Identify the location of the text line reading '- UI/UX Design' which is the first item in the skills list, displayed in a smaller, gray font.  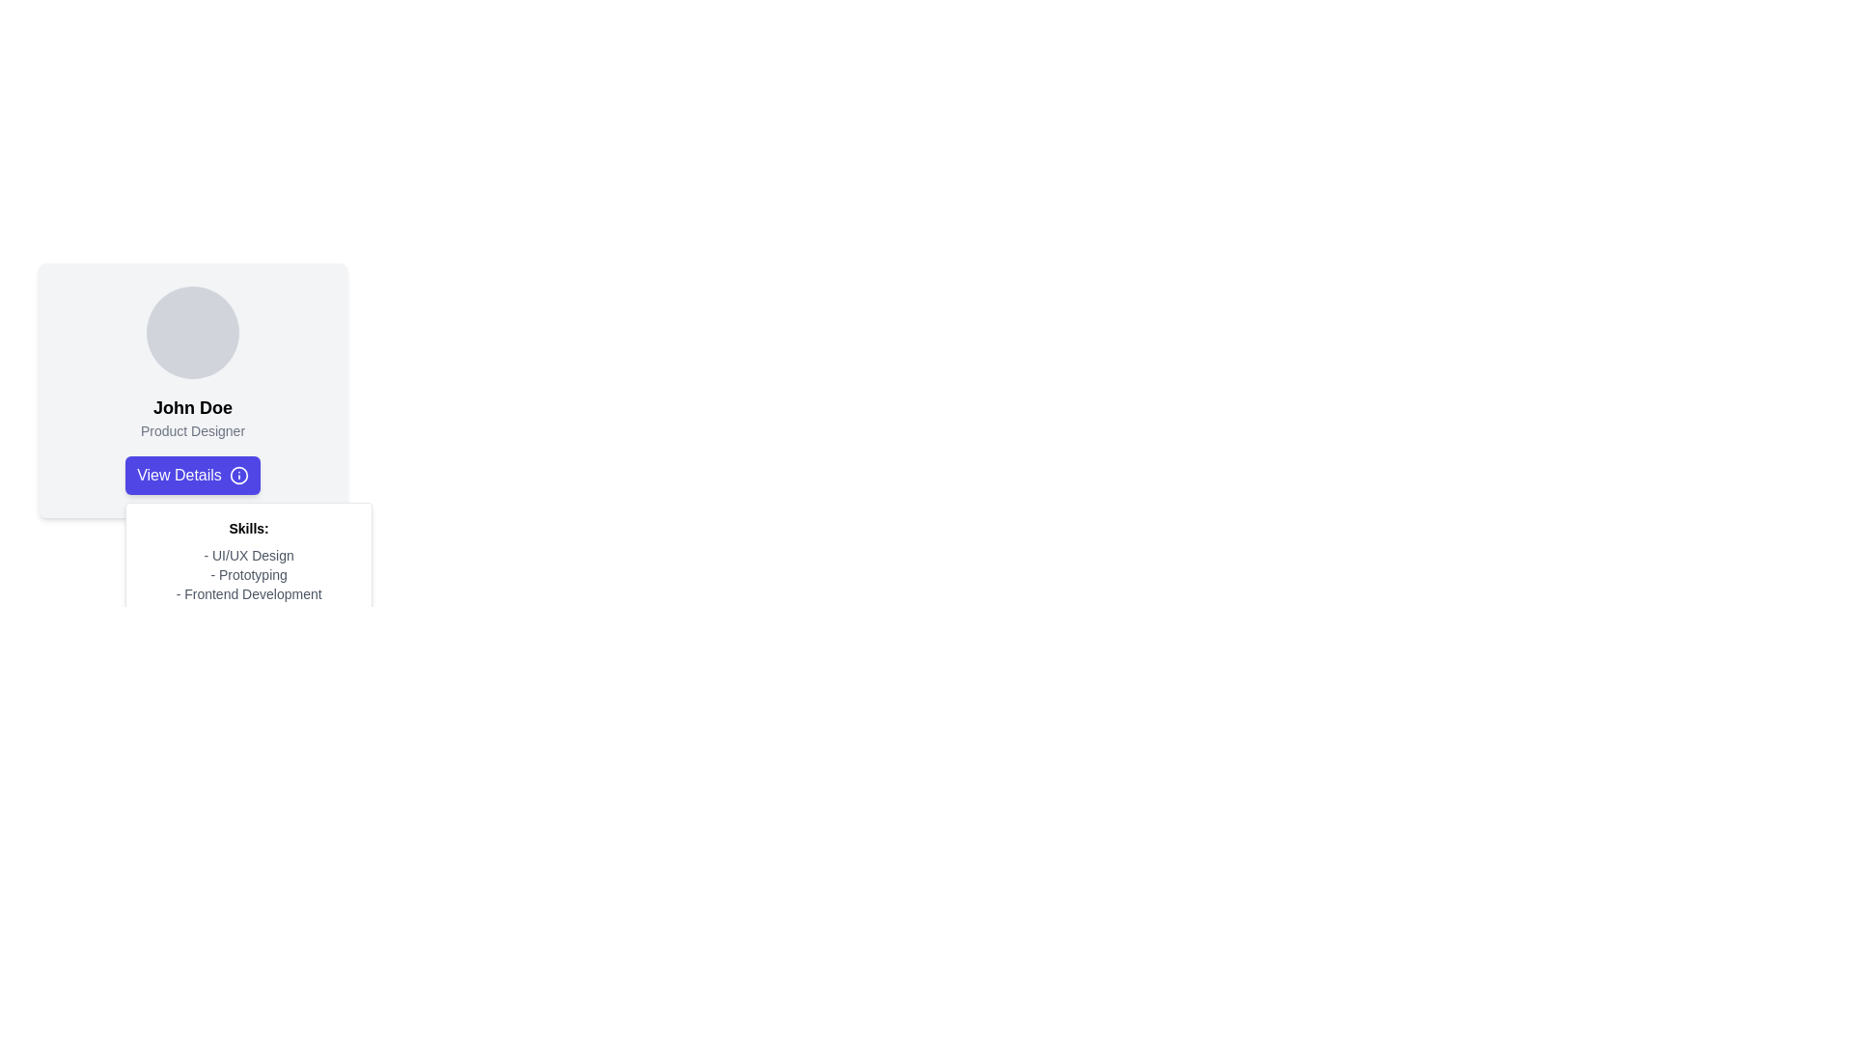
(248, 555).